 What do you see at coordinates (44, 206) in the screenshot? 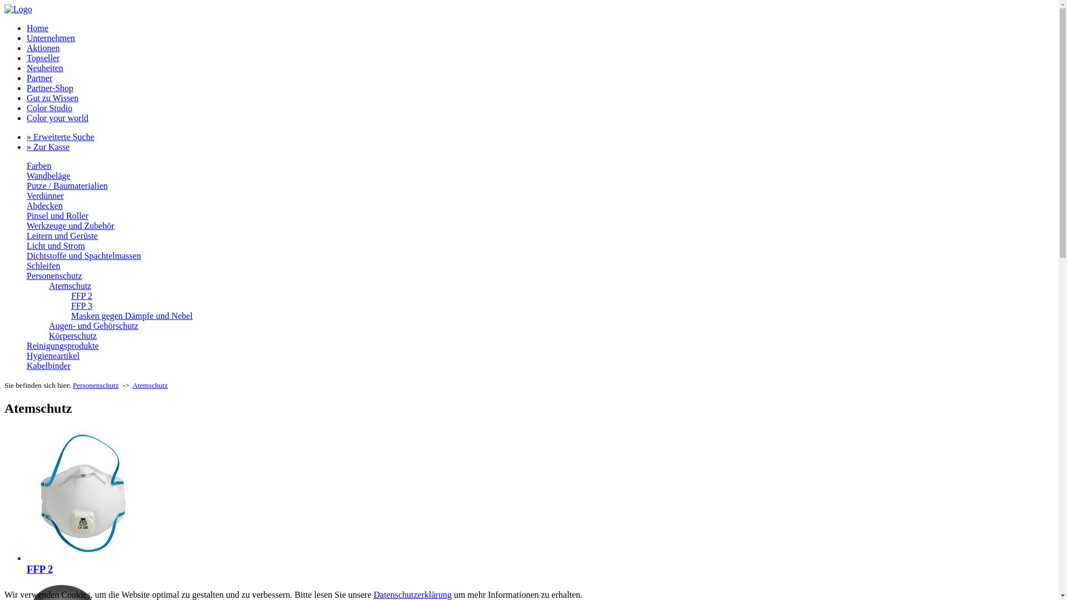
I see `'Abdecken'` at bounding box center [44, 206].